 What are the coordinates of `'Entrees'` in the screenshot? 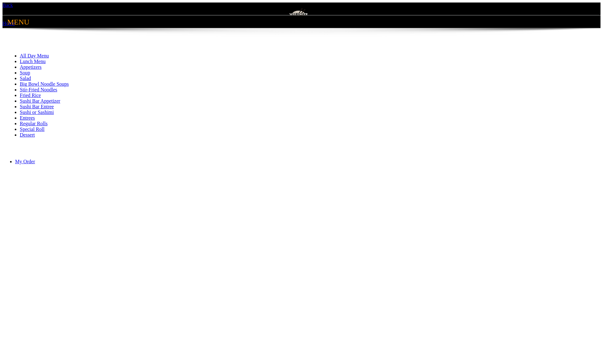 It's located at (19, 118).